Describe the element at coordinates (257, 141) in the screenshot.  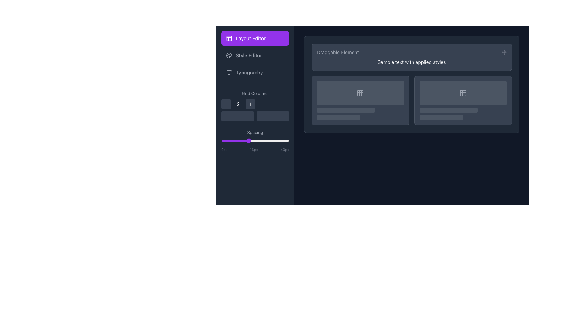
I see `spacing` at that location.